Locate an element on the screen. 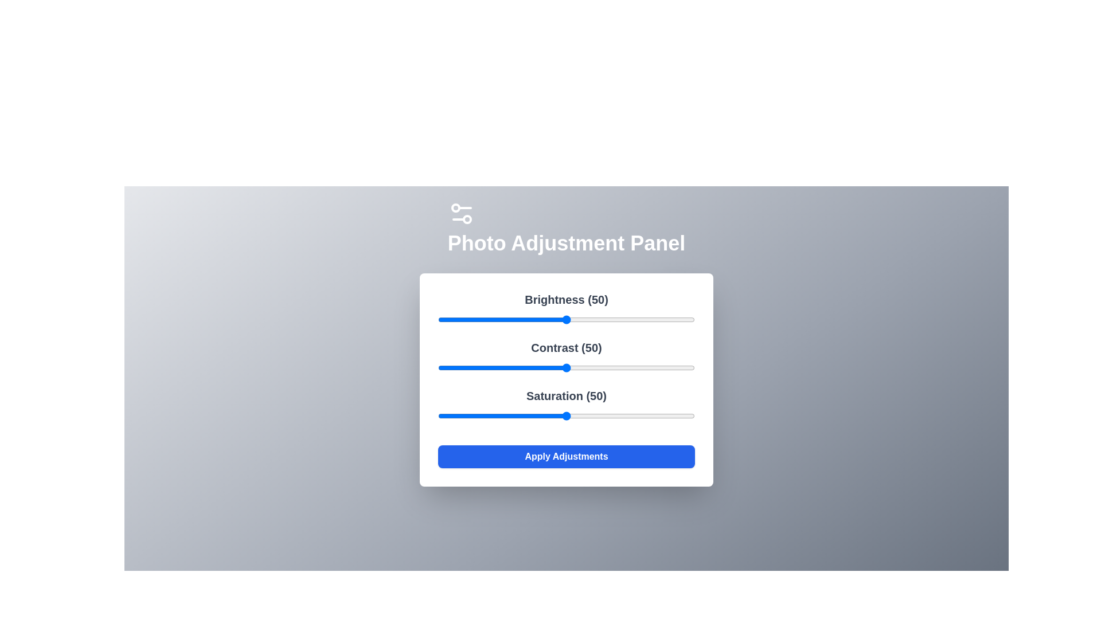  the 0 slider to 46 is located at coordinates (556, 320).